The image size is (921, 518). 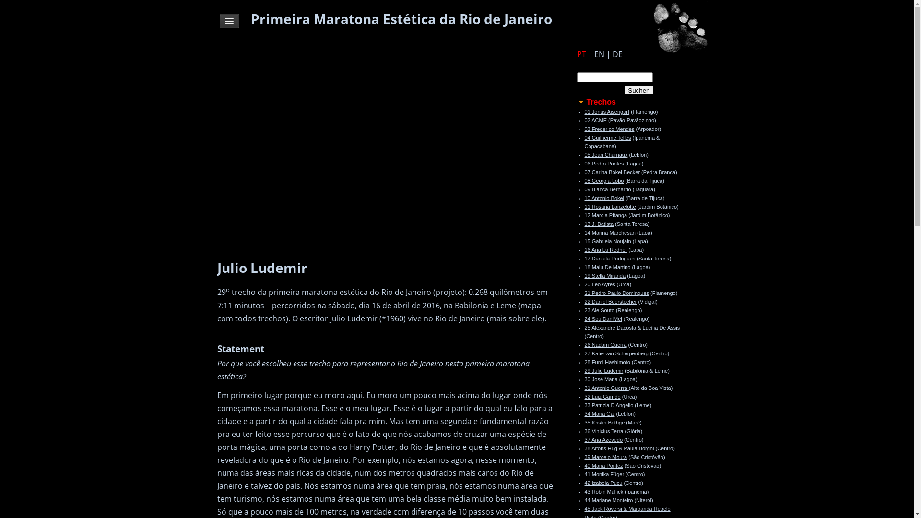 I want to click on '20 Leo Ayres', so click(x=599, y=284).